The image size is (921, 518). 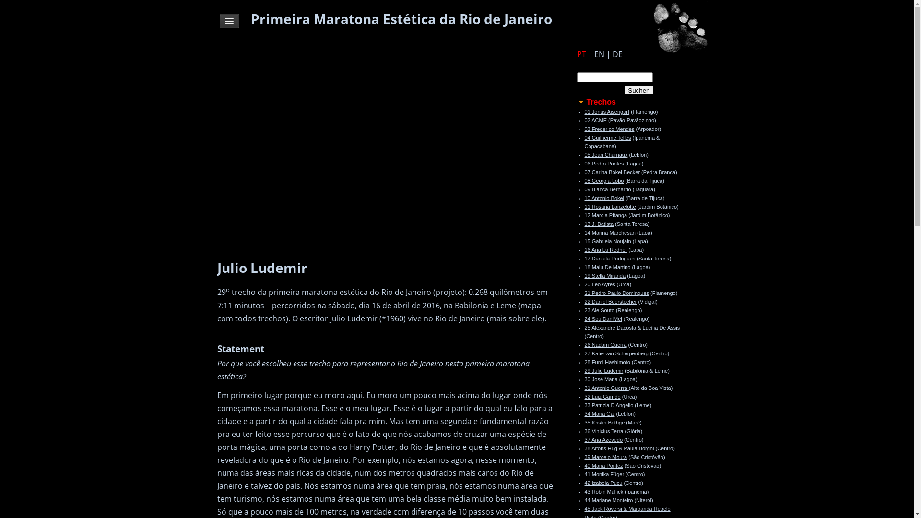 I want to click on '20 Leo Ayres', so click(x=599, y=284).